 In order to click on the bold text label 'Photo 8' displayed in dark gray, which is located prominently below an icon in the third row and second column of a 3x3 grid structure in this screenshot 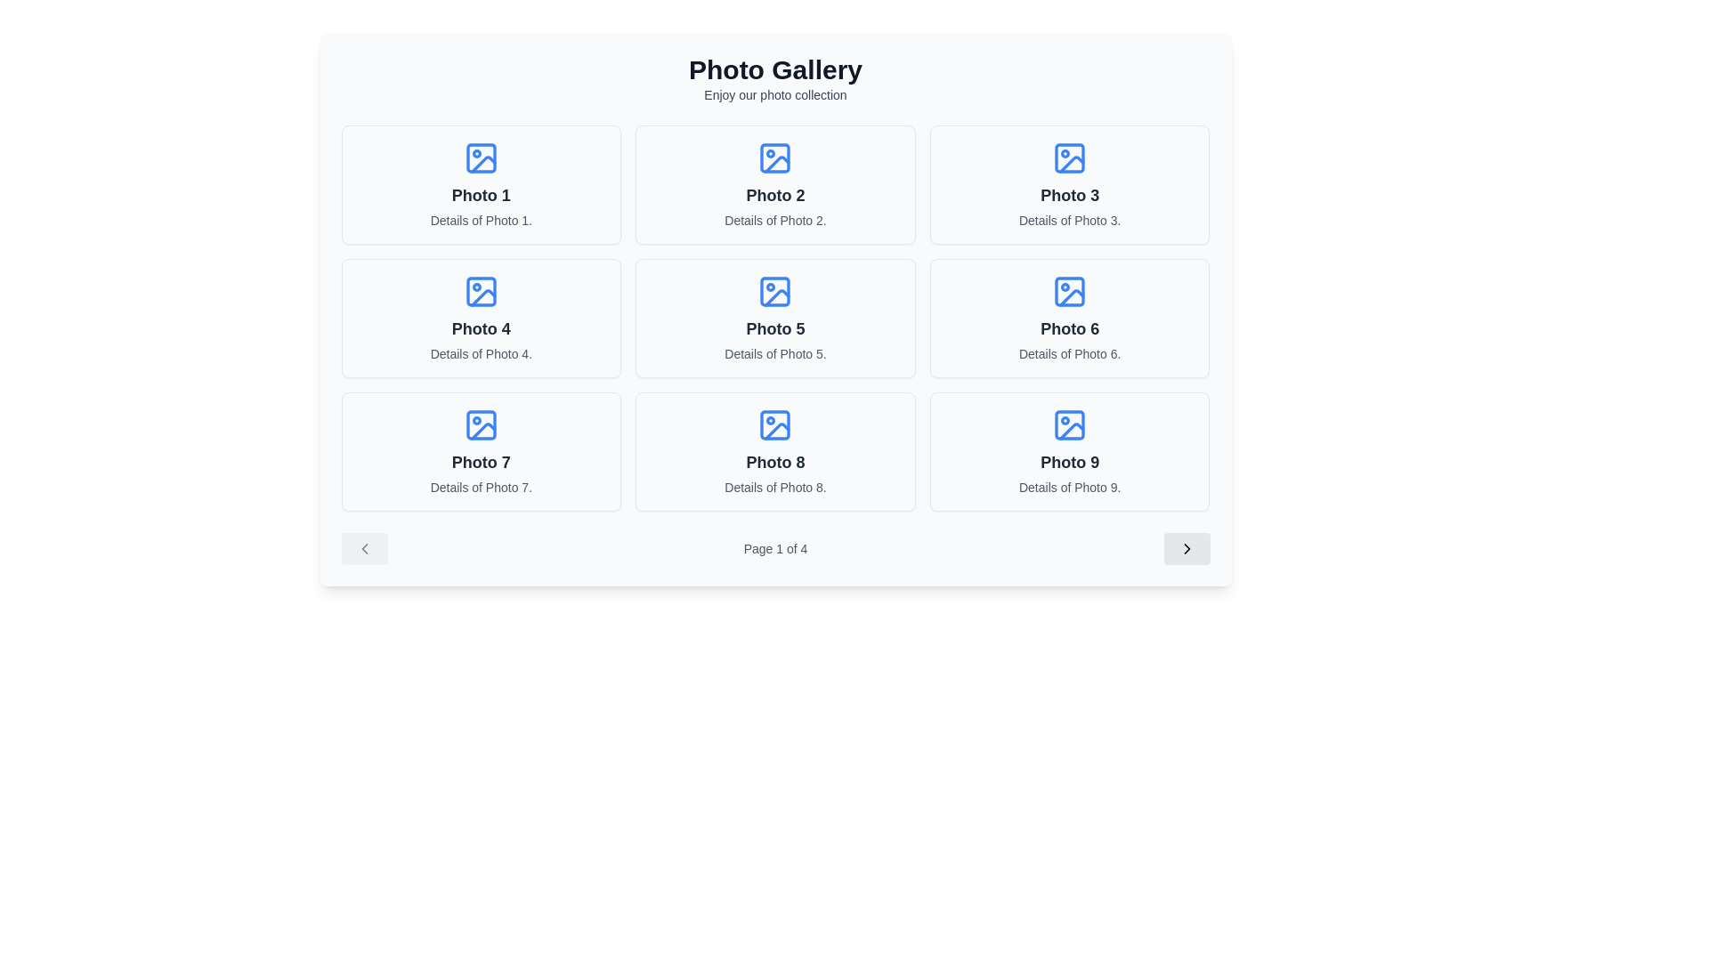, I will do `click(775, 462)`.